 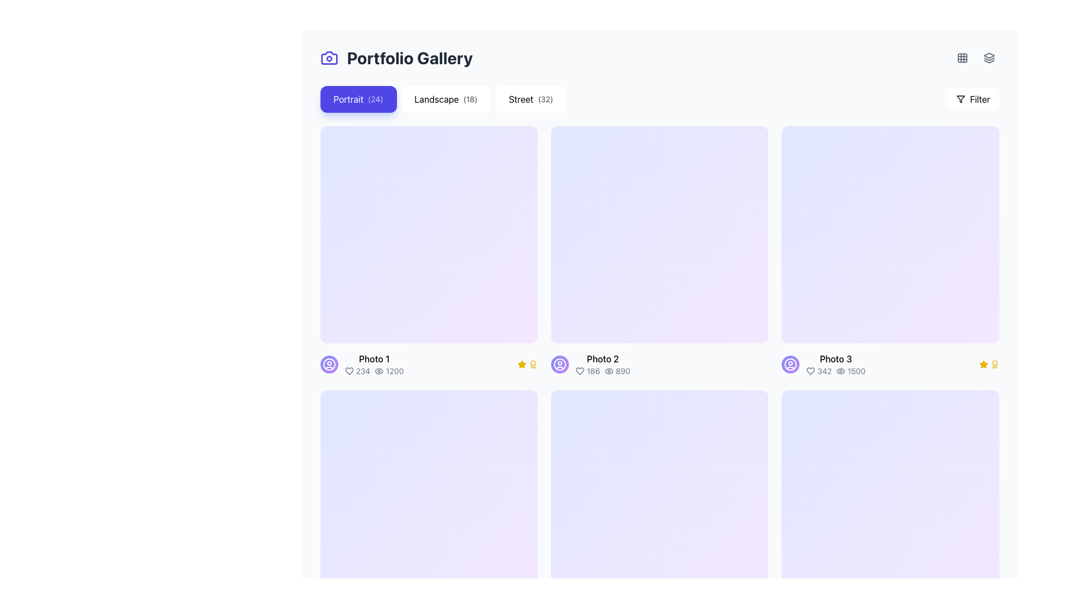 What do you see at coordinates (470, 98) in the screenshot?
I see `the count displayed in the text label next to the 'Landscape' tab, which indicates the number of items in the 'Landscape' category` at bounding box center [470, 98].